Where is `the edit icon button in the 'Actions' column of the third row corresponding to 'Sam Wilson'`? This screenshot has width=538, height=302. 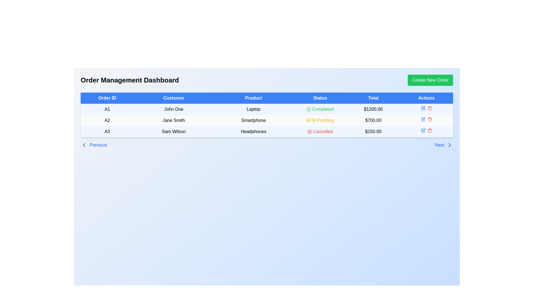
the edit icon button in the 'Actions' column of the third row corresponding to 'Sam Wilson' is located at coordinates (423, 130).